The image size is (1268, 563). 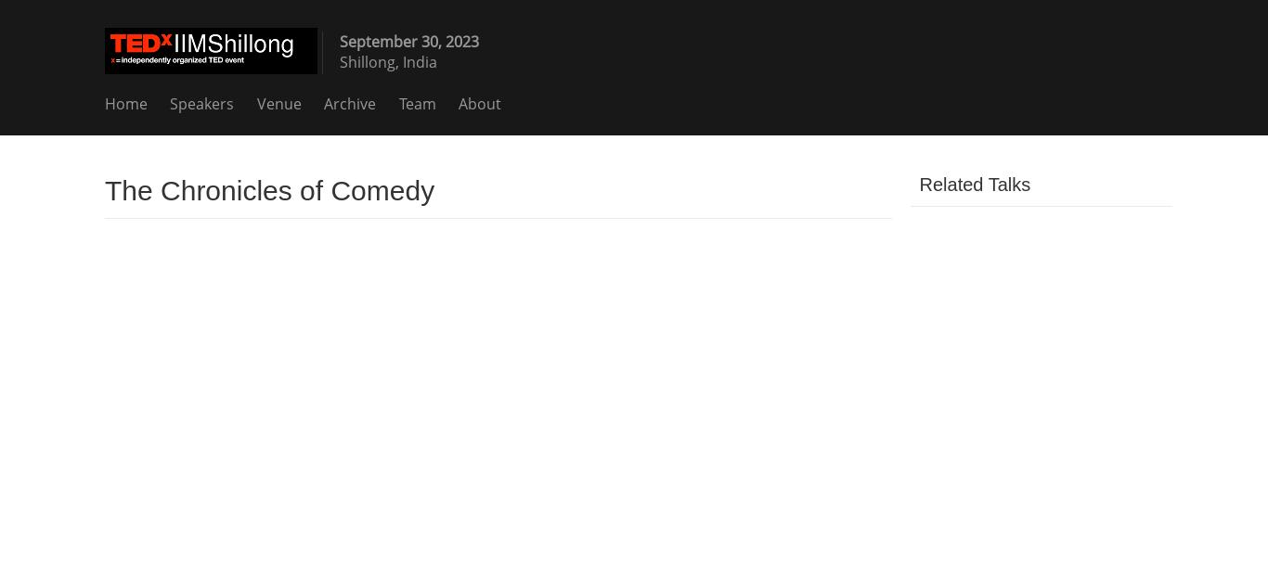 What do you see at coordinates (480, 102) in the screenshot?
I see `'About'` at bounding box center [480, 102].